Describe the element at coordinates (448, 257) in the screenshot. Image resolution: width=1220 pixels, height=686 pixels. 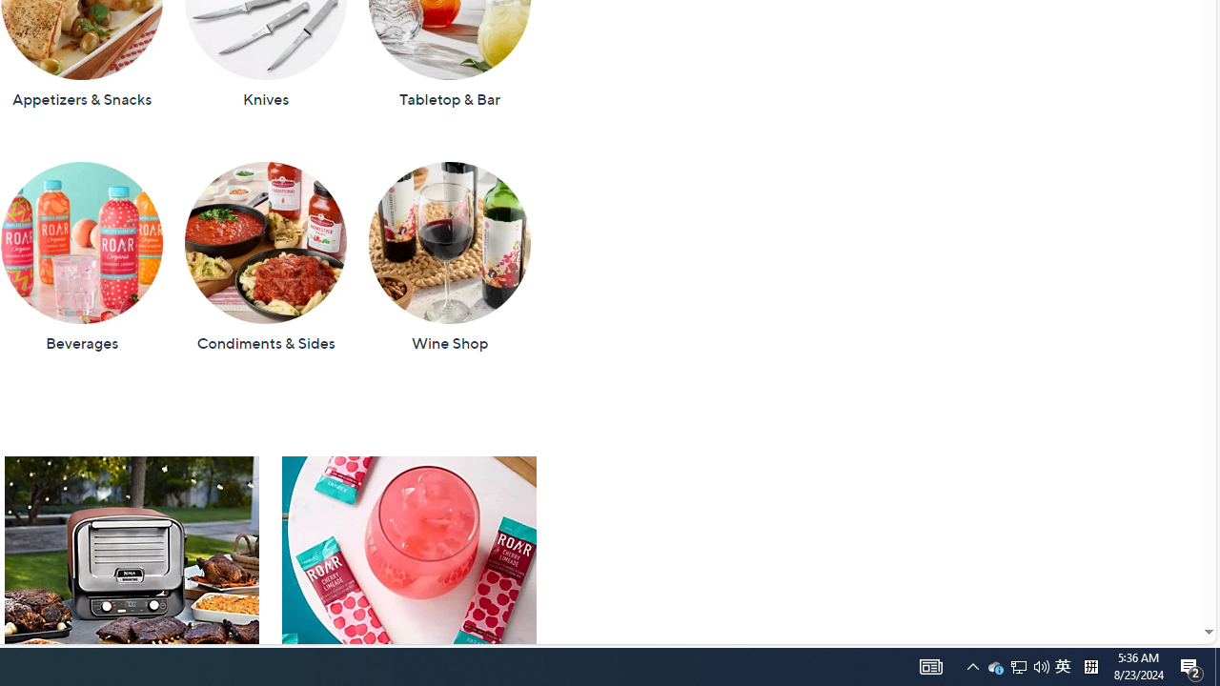
I see `'Wine Shop'` at that location.